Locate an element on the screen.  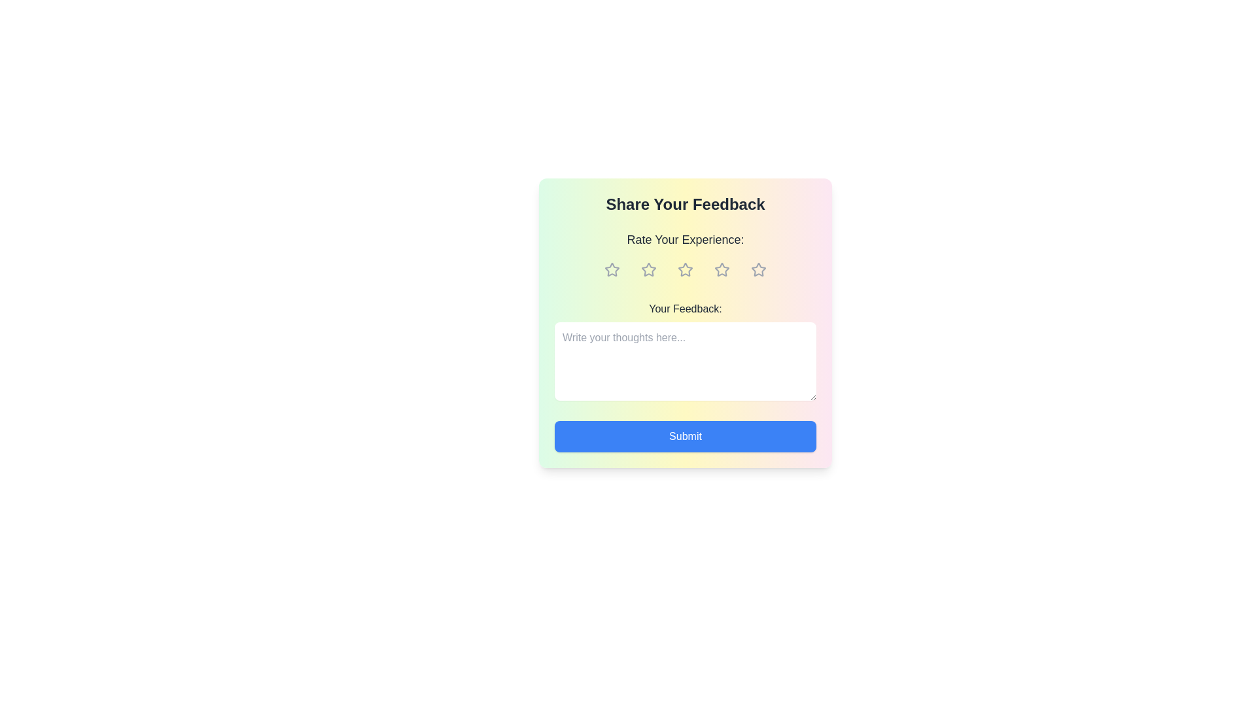
the second star icon, which is outlined and located under the 'Rate Your Experience' heading is located at coordinates (649, 269).